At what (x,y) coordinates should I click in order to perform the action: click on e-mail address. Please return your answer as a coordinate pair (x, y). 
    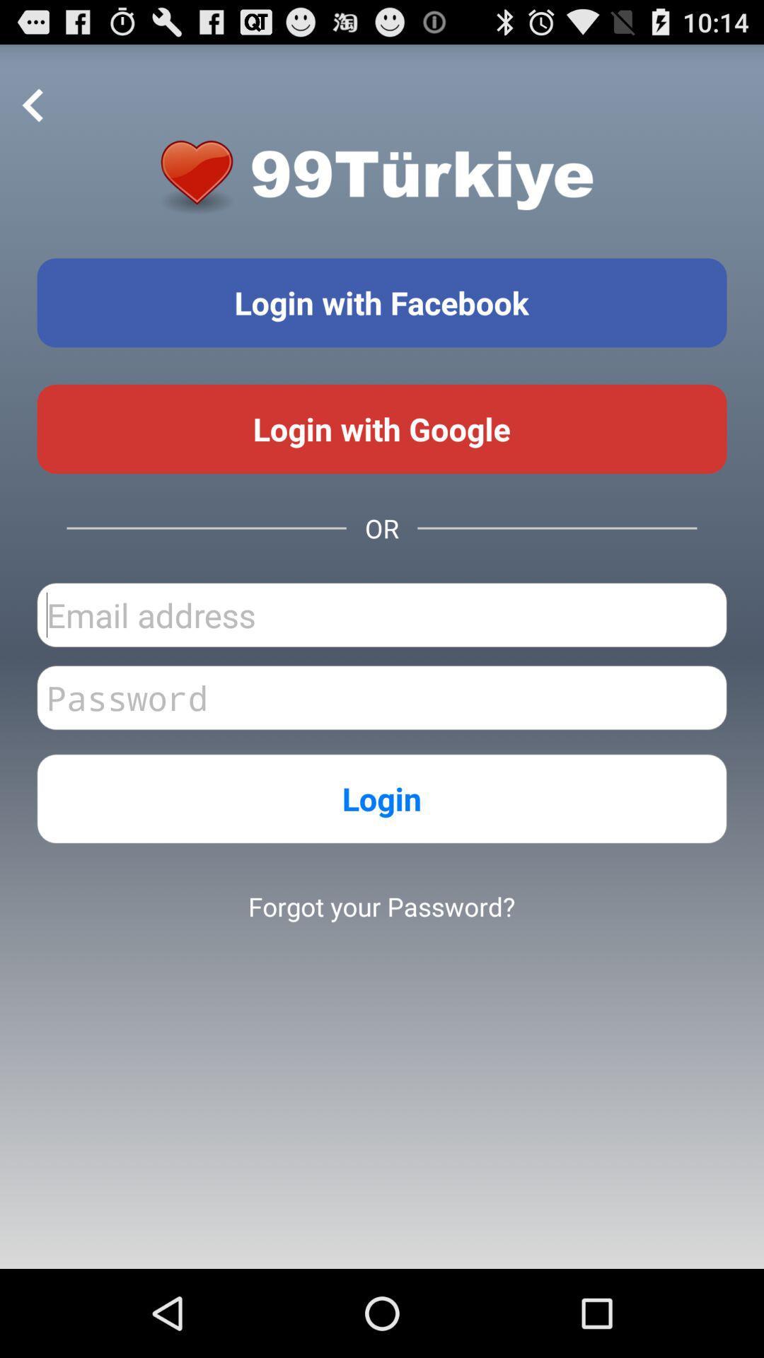
    Looking at the image, I should click on (382, 615).